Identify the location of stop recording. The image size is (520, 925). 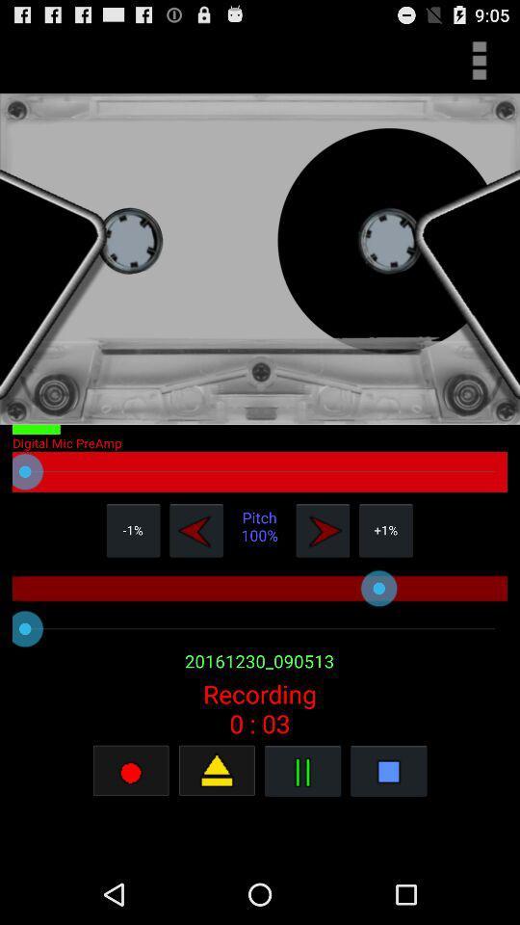
(130, 770).